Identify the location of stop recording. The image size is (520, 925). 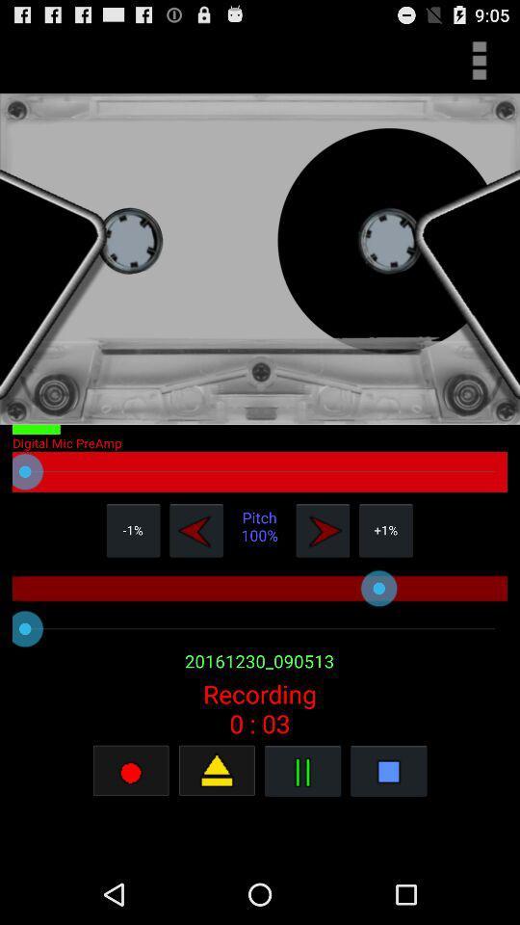
(130, 770).